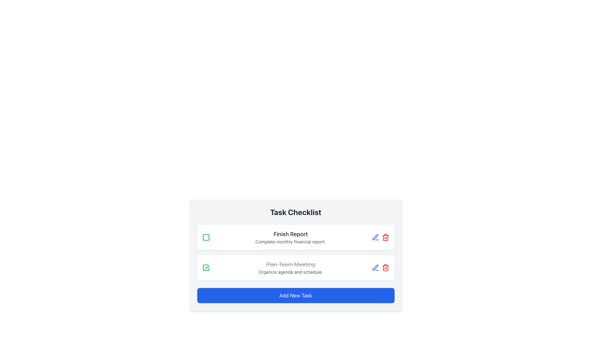 This screenshot has width=607, height=341. I want to click on the first task entry in the checklist, which is visually represented in a white, rounded corner rectangle with shadow, located above the task entry that reads 'Plan Team Meeting', so click(290, 237).